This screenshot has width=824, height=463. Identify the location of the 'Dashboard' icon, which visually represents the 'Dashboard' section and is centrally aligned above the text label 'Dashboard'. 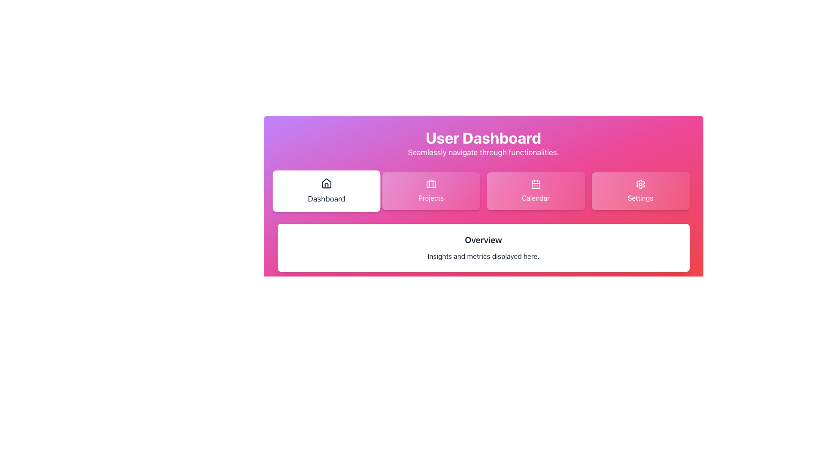
(326, 183).